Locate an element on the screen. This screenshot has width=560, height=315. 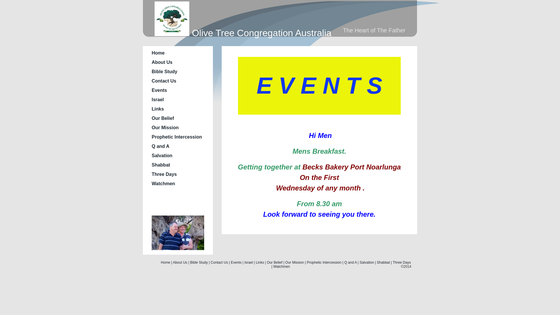
' Olive Tree Congregation Australia' is located at coordinates (243, 33).